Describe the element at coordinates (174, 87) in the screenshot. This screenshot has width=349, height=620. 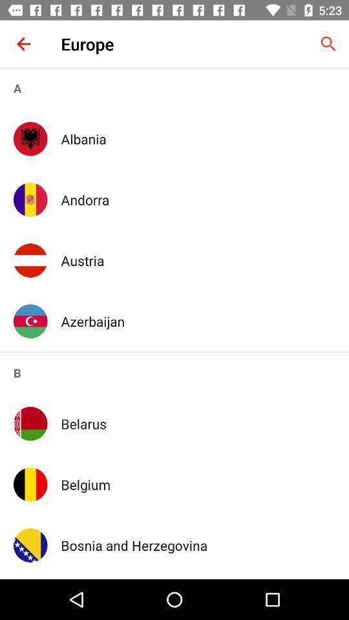
I see `the a app` at that location.